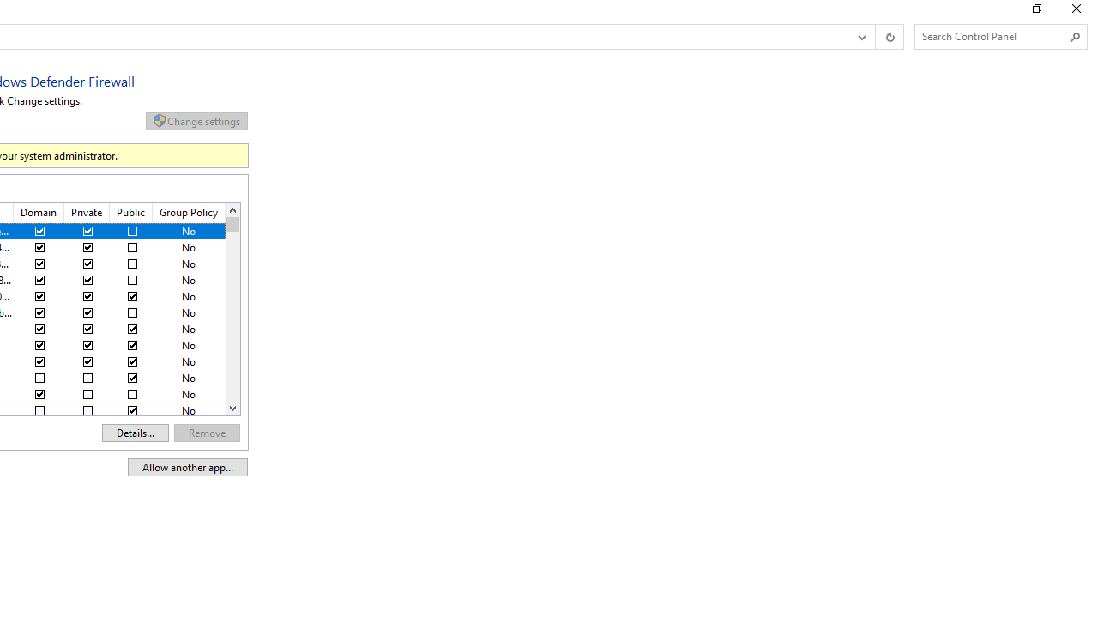  Describe the element at coordinates (875, 37) in the screenshot. I see `'Address band toolbar'` at that location.